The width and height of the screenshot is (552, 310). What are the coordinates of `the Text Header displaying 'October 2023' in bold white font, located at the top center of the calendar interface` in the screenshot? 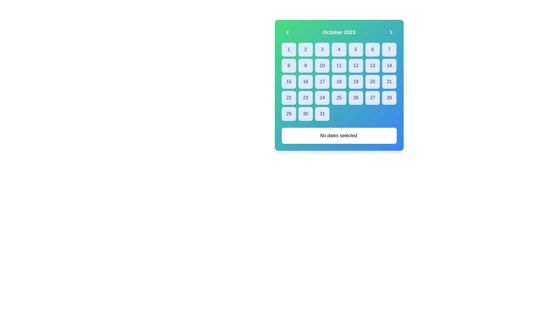 It's located at (339, 32).